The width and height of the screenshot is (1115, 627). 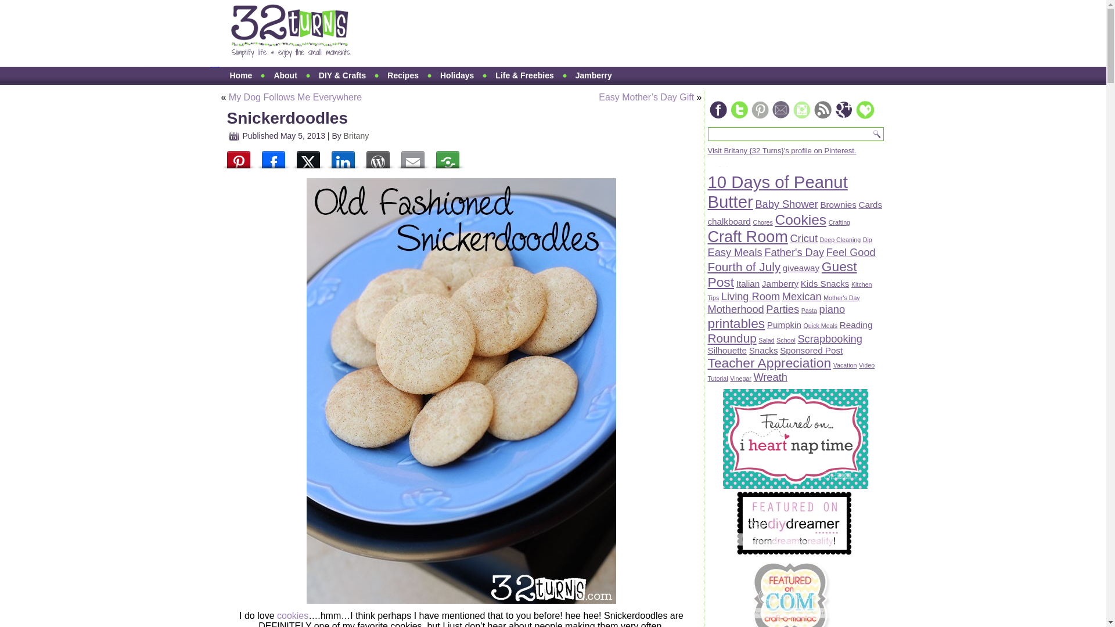 I want to click on 'Advertisement', so click(x=585, y=33).